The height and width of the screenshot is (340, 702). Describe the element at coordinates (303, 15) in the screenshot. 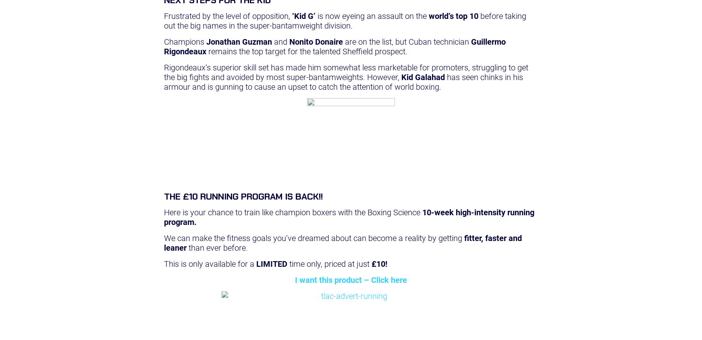

I see `'‘Kid G’'` at that location.